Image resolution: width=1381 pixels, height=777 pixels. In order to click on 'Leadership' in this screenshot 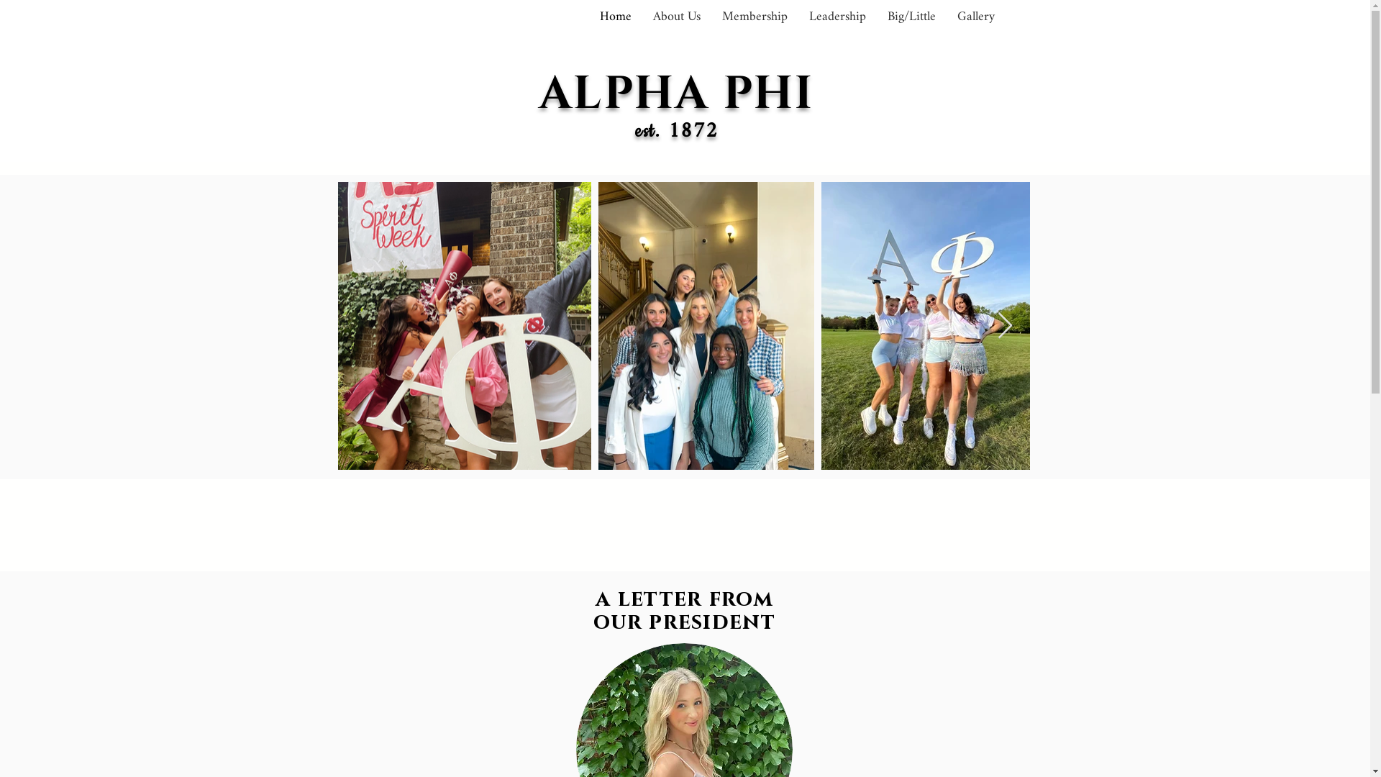, I will do `click(797, 17)`.